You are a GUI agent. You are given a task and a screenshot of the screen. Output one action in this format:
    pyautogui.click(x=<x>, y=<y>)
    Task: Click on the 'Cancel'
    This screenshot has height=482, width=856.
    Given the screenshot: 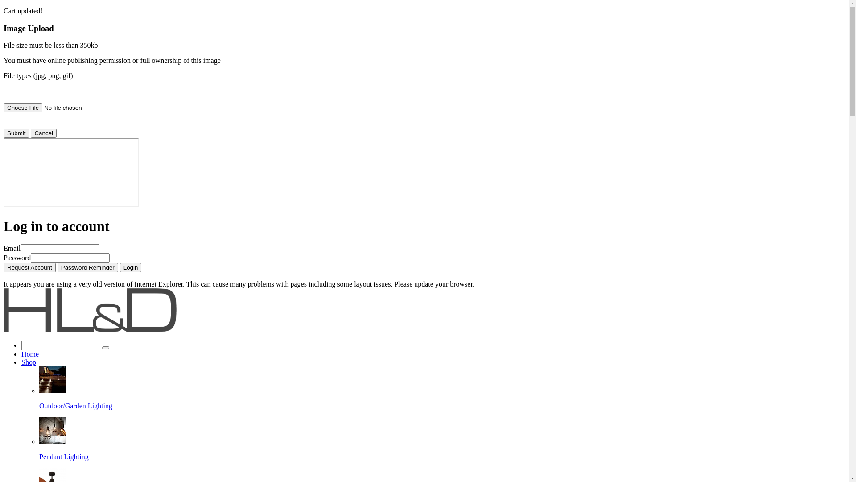 What is the action you would take?
    pyautogui.click(x=43, y=133)
    